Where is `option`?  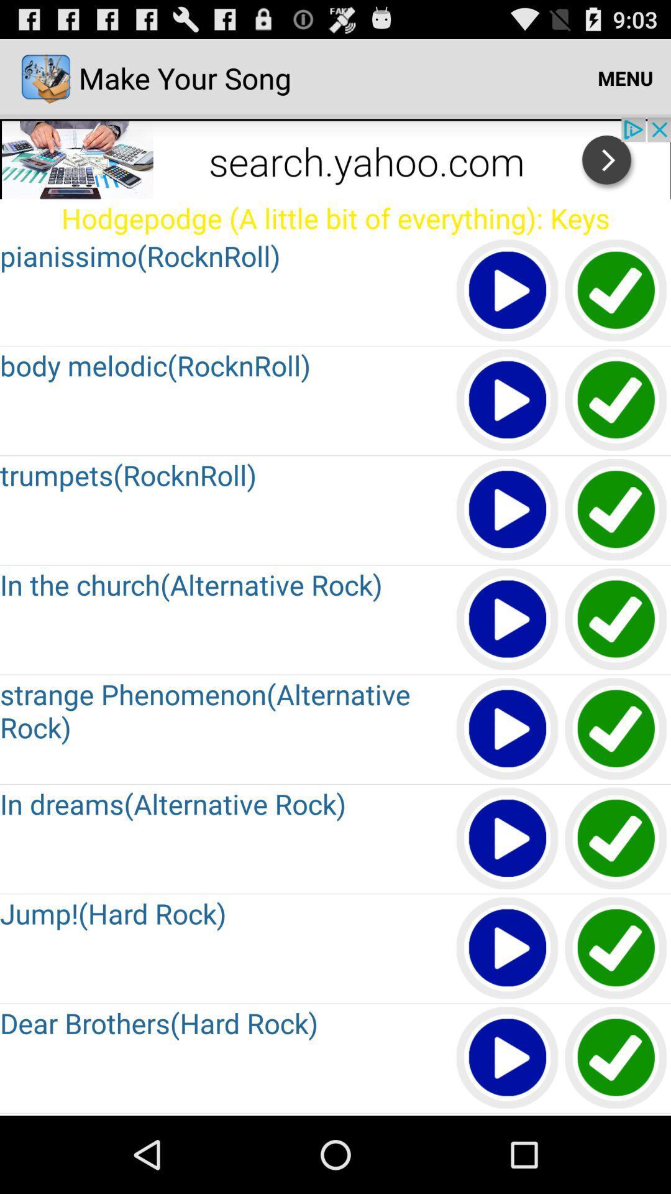 option is located at coordinates (508, 948).